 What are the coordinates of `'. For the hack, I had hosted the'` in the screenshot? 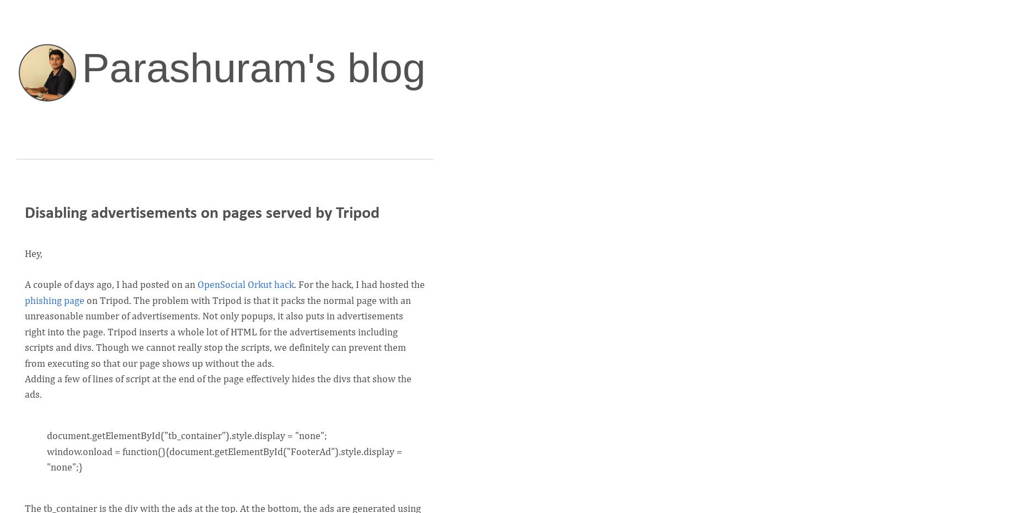 It's located at (359, 284).